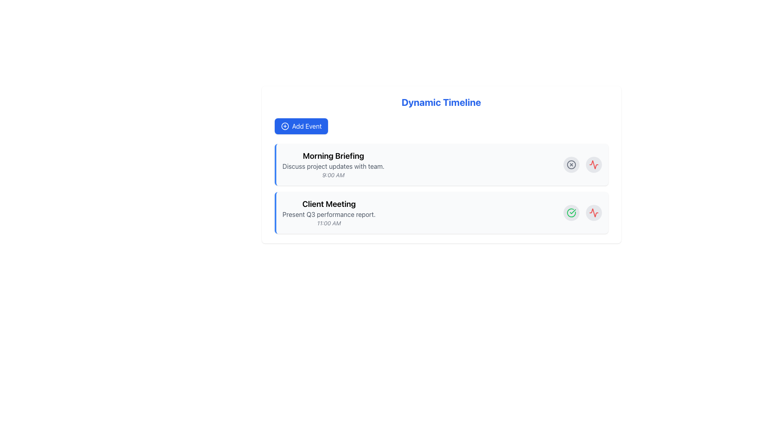 This screenshot has width=770, height=433. I want to click on the plus sign icon inside the circular border located within the 'Add Event' button, so click(285, 126).